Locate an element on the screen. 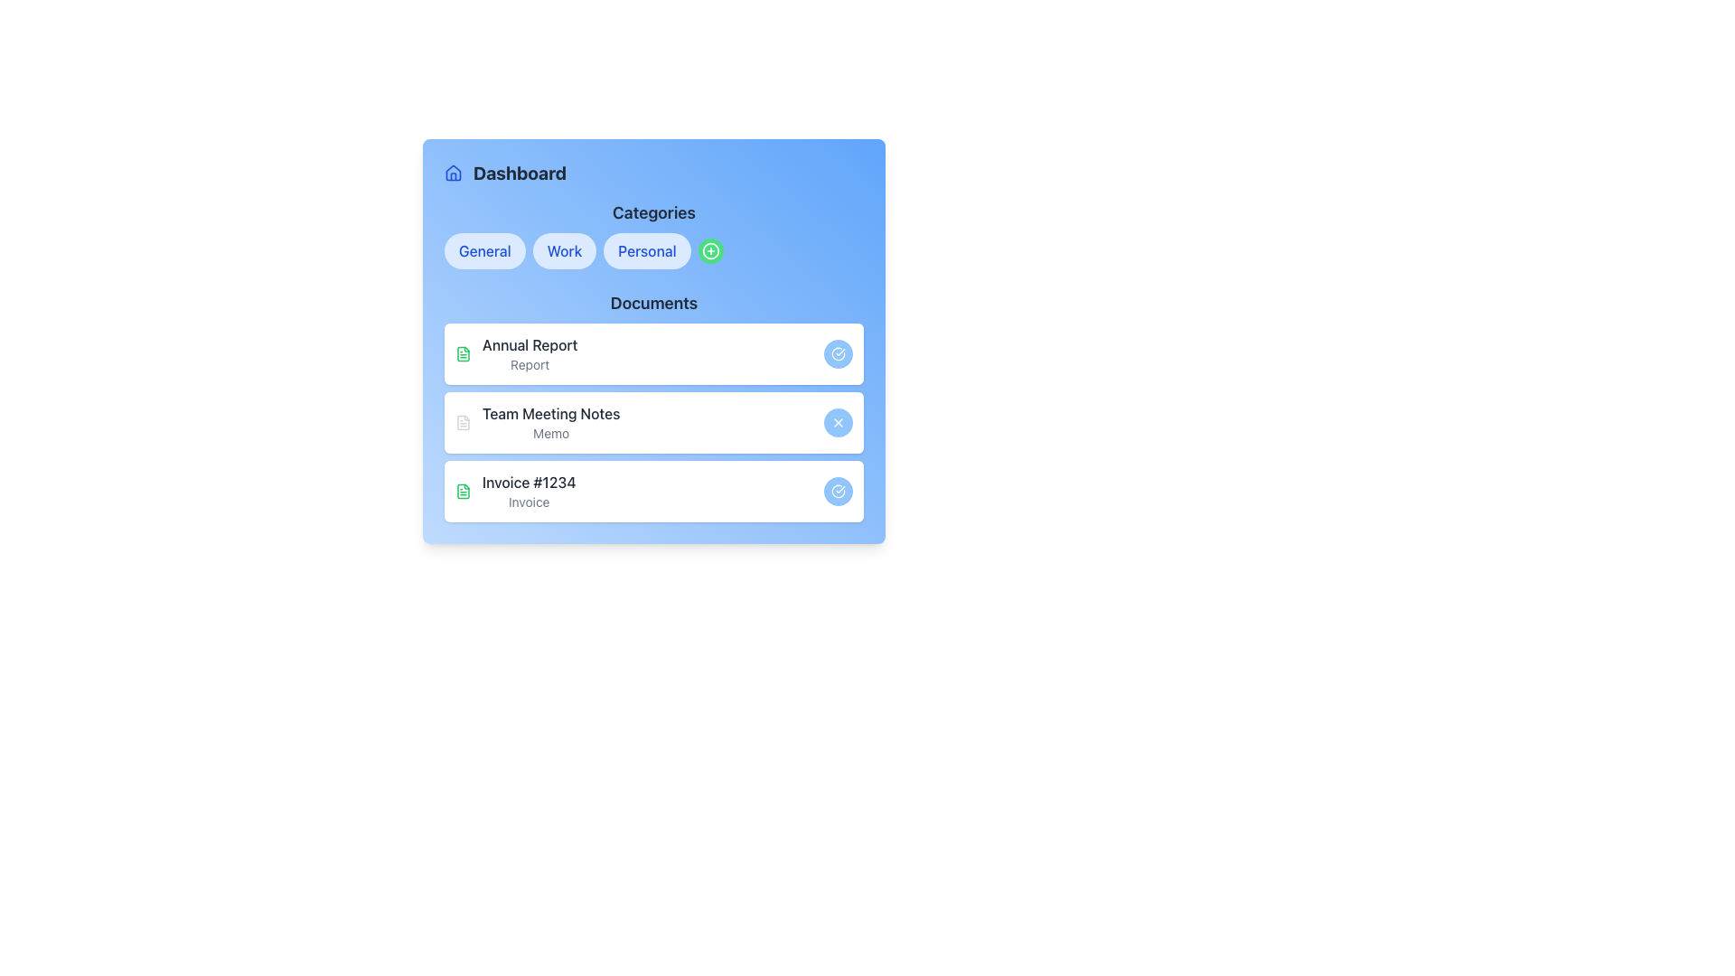 The image size is (1735, 976). the icon that signifies the type of document associated with the 'Annual Report', positioned to the far left of the row containing 'Annual Report' and 'Report' is located at coordinates (464, 354).